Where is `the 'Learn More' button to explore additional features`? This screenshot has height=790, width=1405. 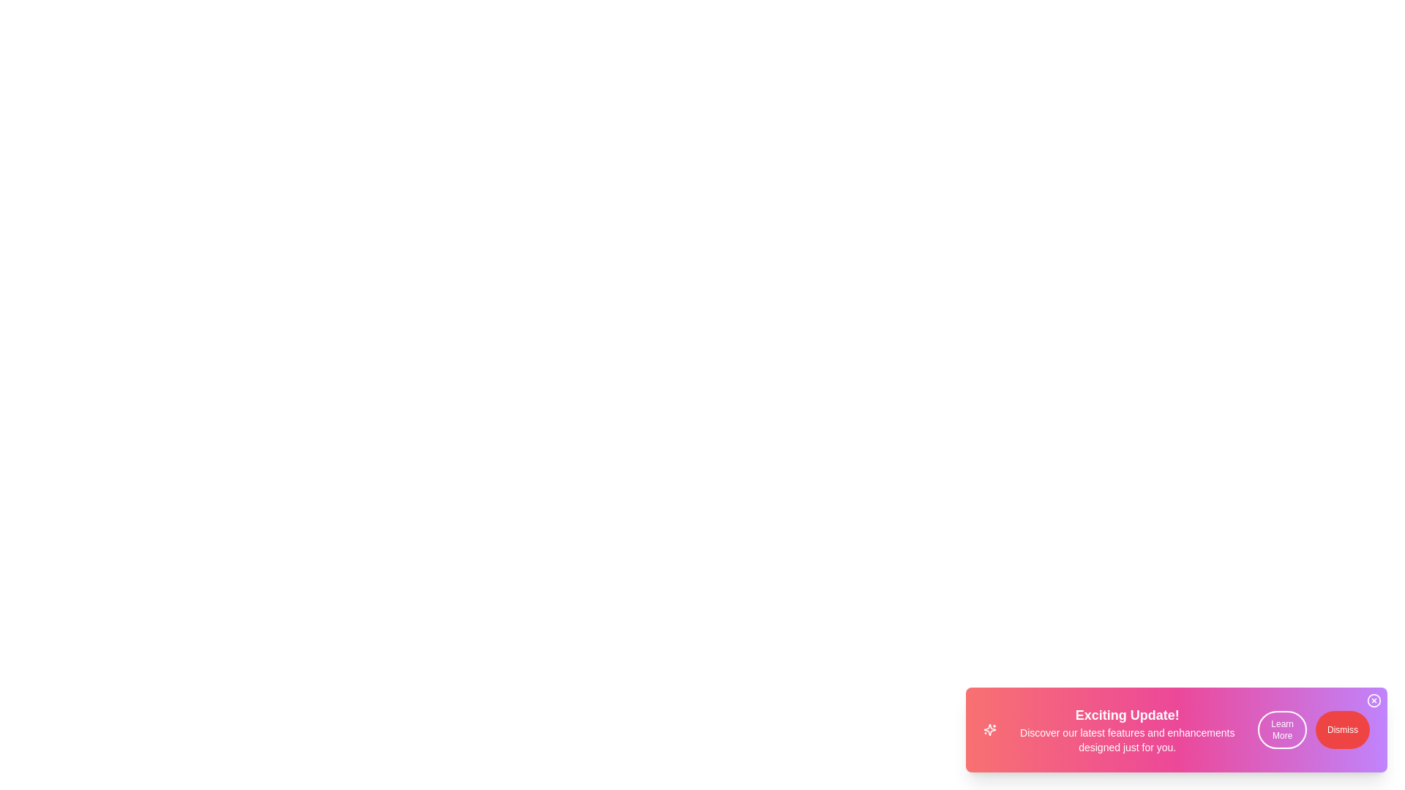 the 'Learn More' button to explore additional features is located at coordinates (1281, 730).